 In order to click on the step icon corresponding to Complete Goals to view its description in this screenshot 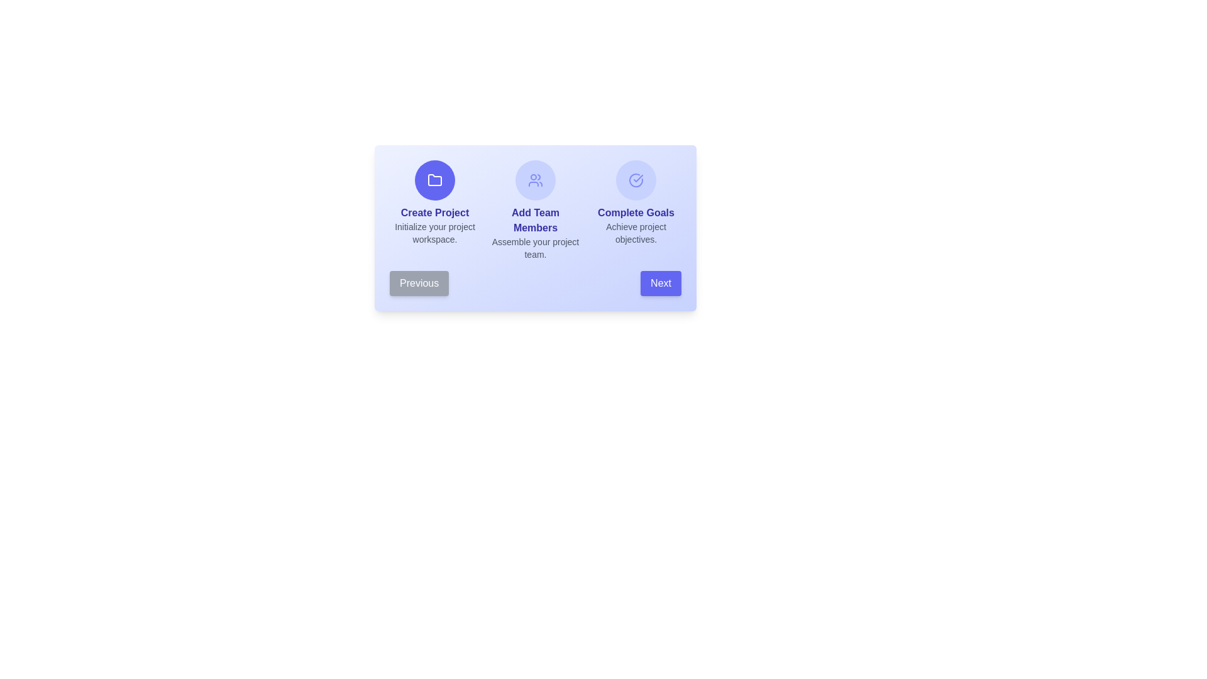, I will do `click(636, 180)`.